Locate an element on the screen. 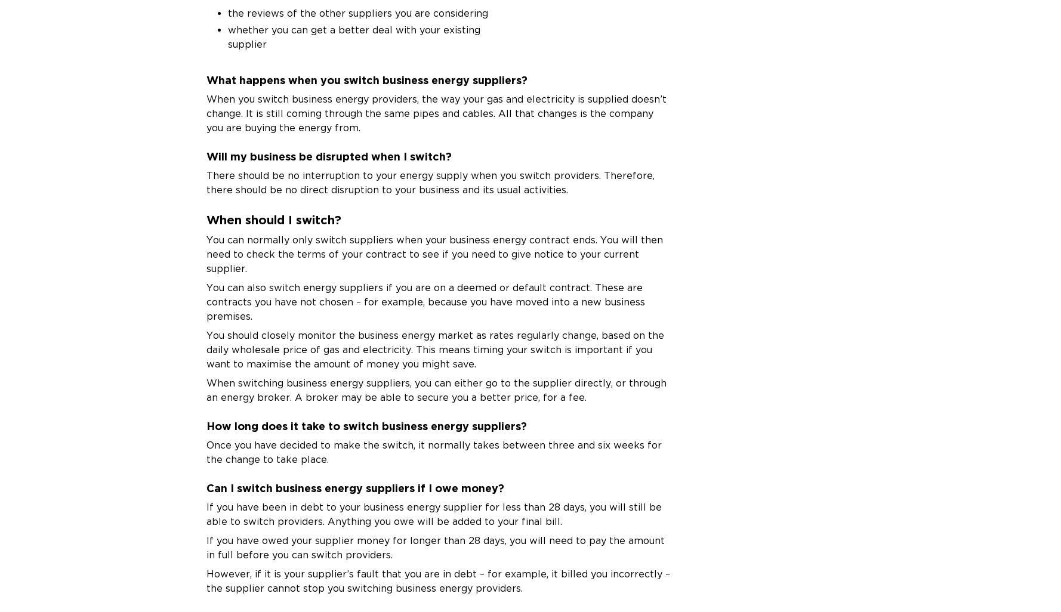  'What happens when you switch business energy suppliers?' is located at coordinates (366, 79).